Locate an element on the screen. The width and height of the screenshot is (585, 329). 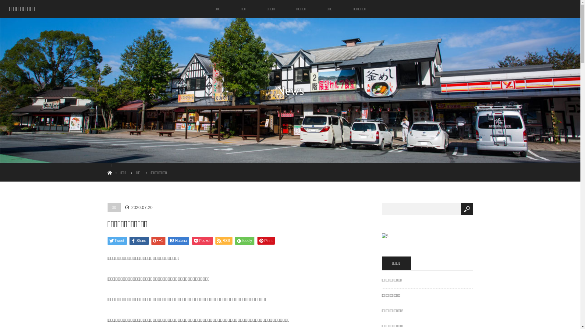
'RSS' is located at coordinates (223, 240).